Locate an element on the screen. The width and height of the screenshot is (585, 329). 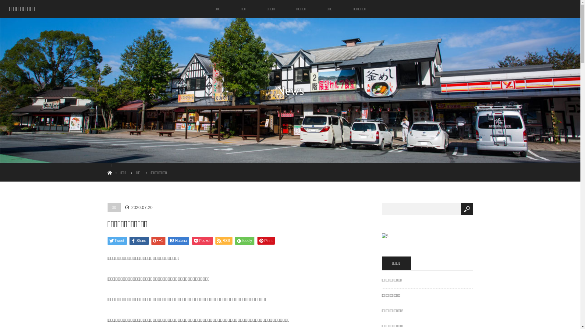
'RSS' is located at coordinates (223, 240).